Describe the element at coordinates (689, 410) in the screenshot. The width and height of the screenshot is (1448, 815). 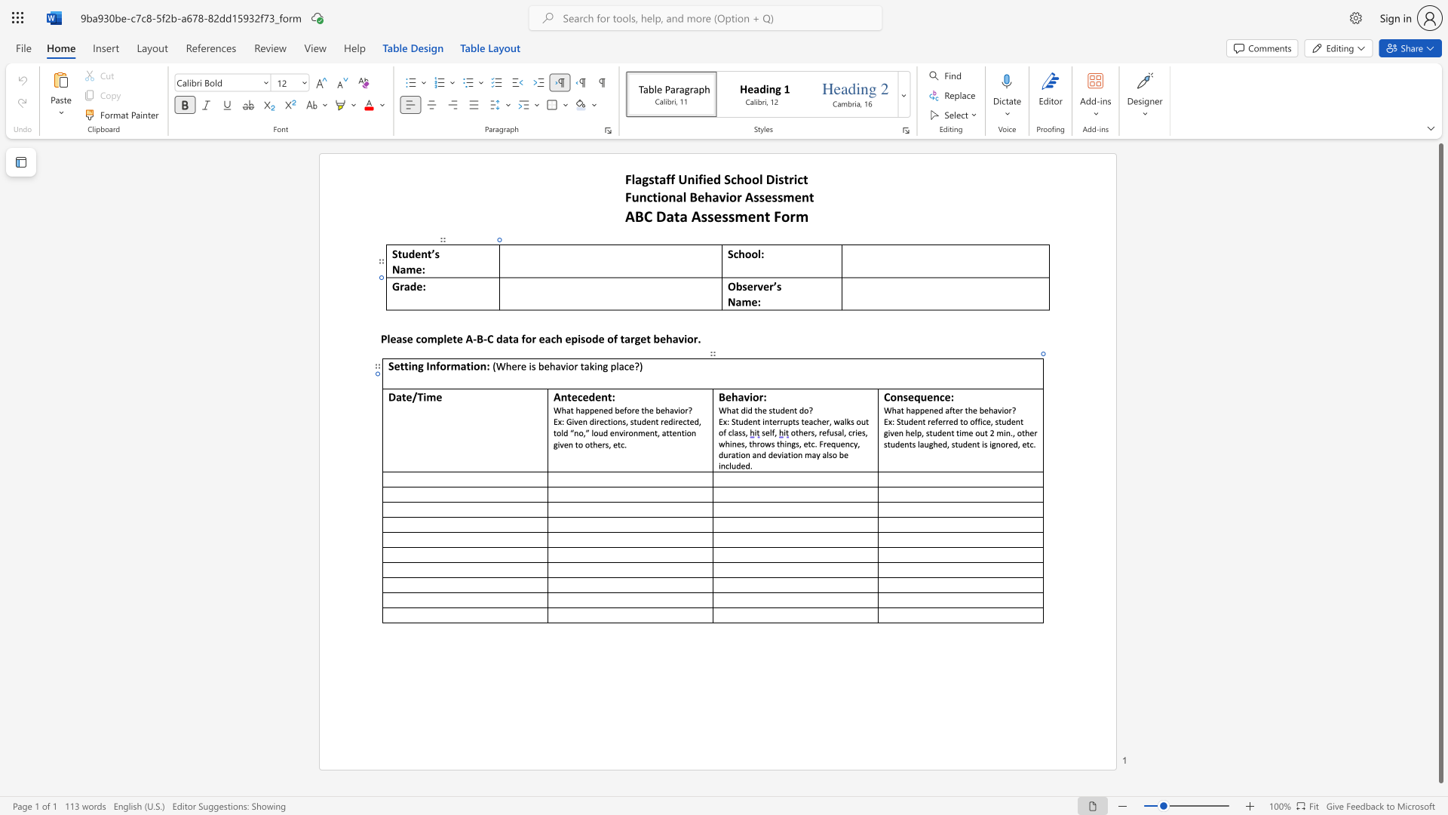
I see `the 1th character "?" in the text` at that location.